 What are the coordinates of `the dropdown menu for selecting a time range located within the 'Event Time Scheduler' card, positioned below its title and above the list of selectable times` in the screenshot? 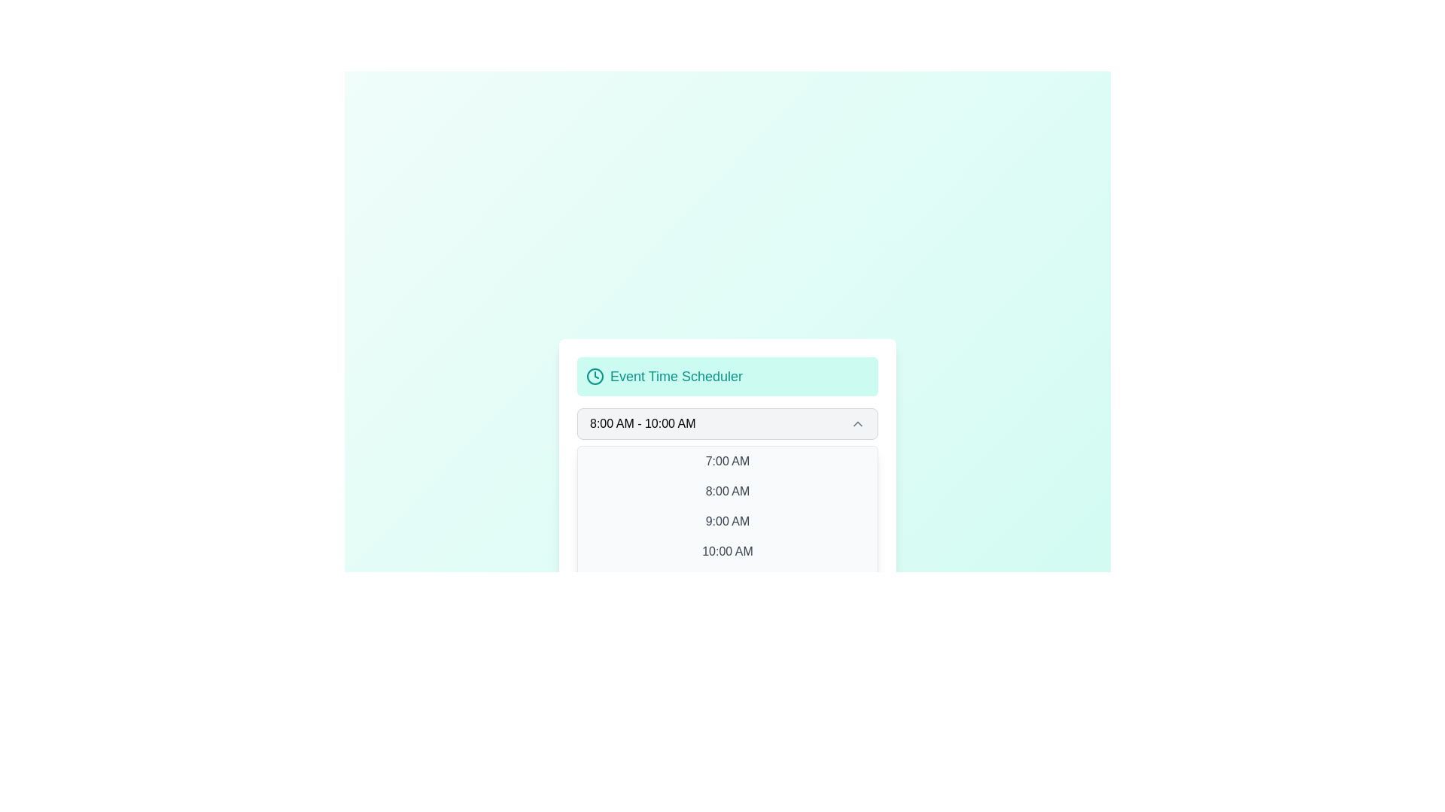 It's located at (727, 423).